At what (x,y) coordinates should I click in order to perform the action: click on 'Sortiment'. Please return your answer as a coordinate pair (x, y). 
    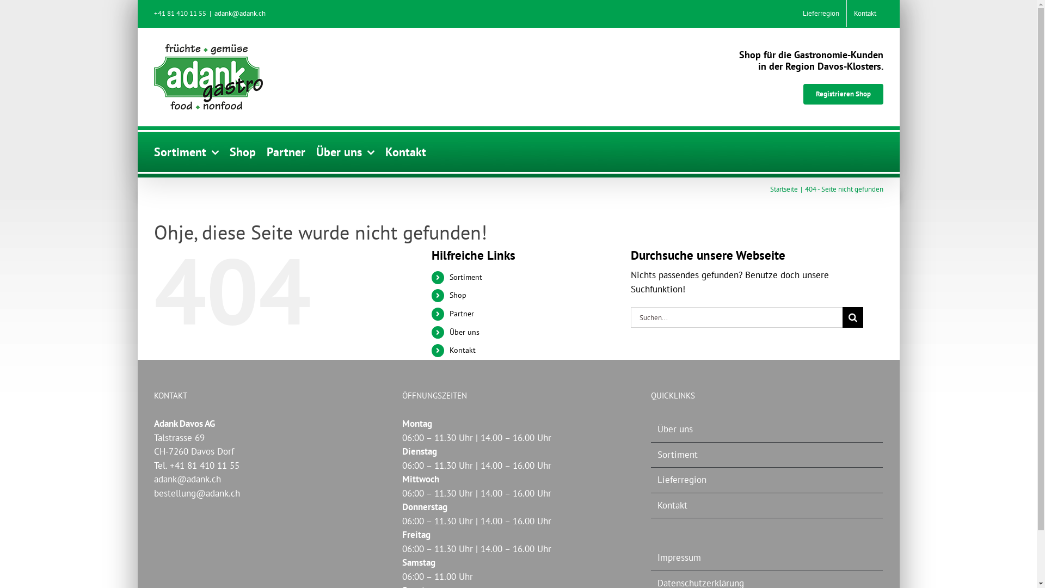
    Looking at the image, I should click on (465, 277).